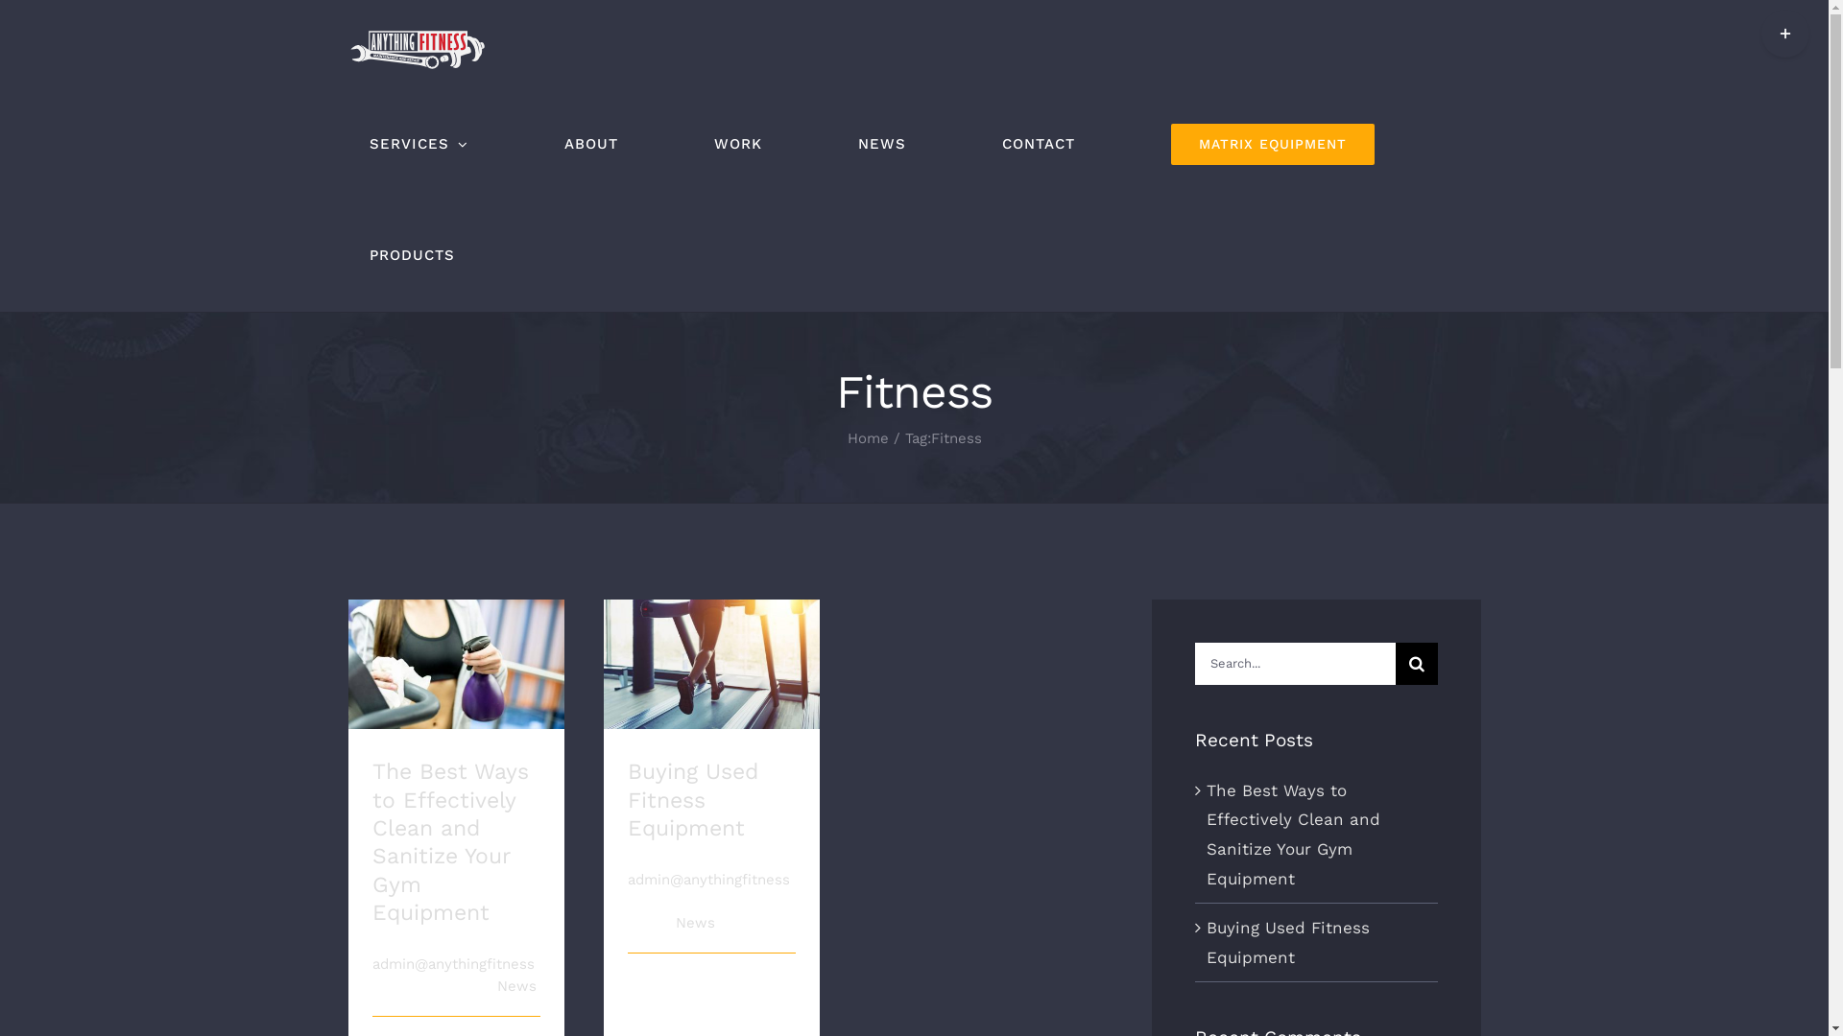 This screenshot has width=1843, height=1036. Describe the element at coordinates (1288, 941) in the screenshot. I see `'Buying Used Fitness Equipment'` at that location.